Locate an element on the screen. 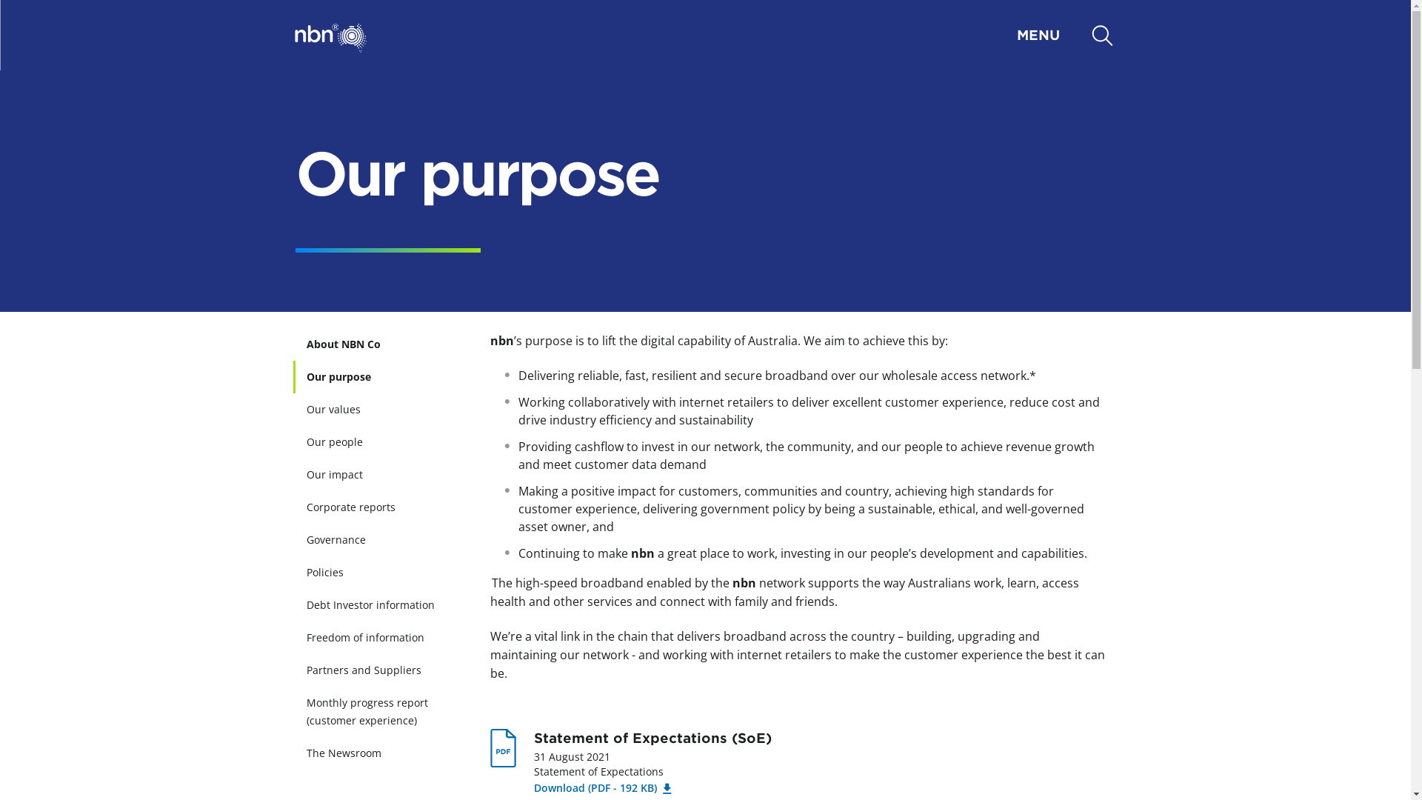  'Governance' is located at coordinates (379, 540).